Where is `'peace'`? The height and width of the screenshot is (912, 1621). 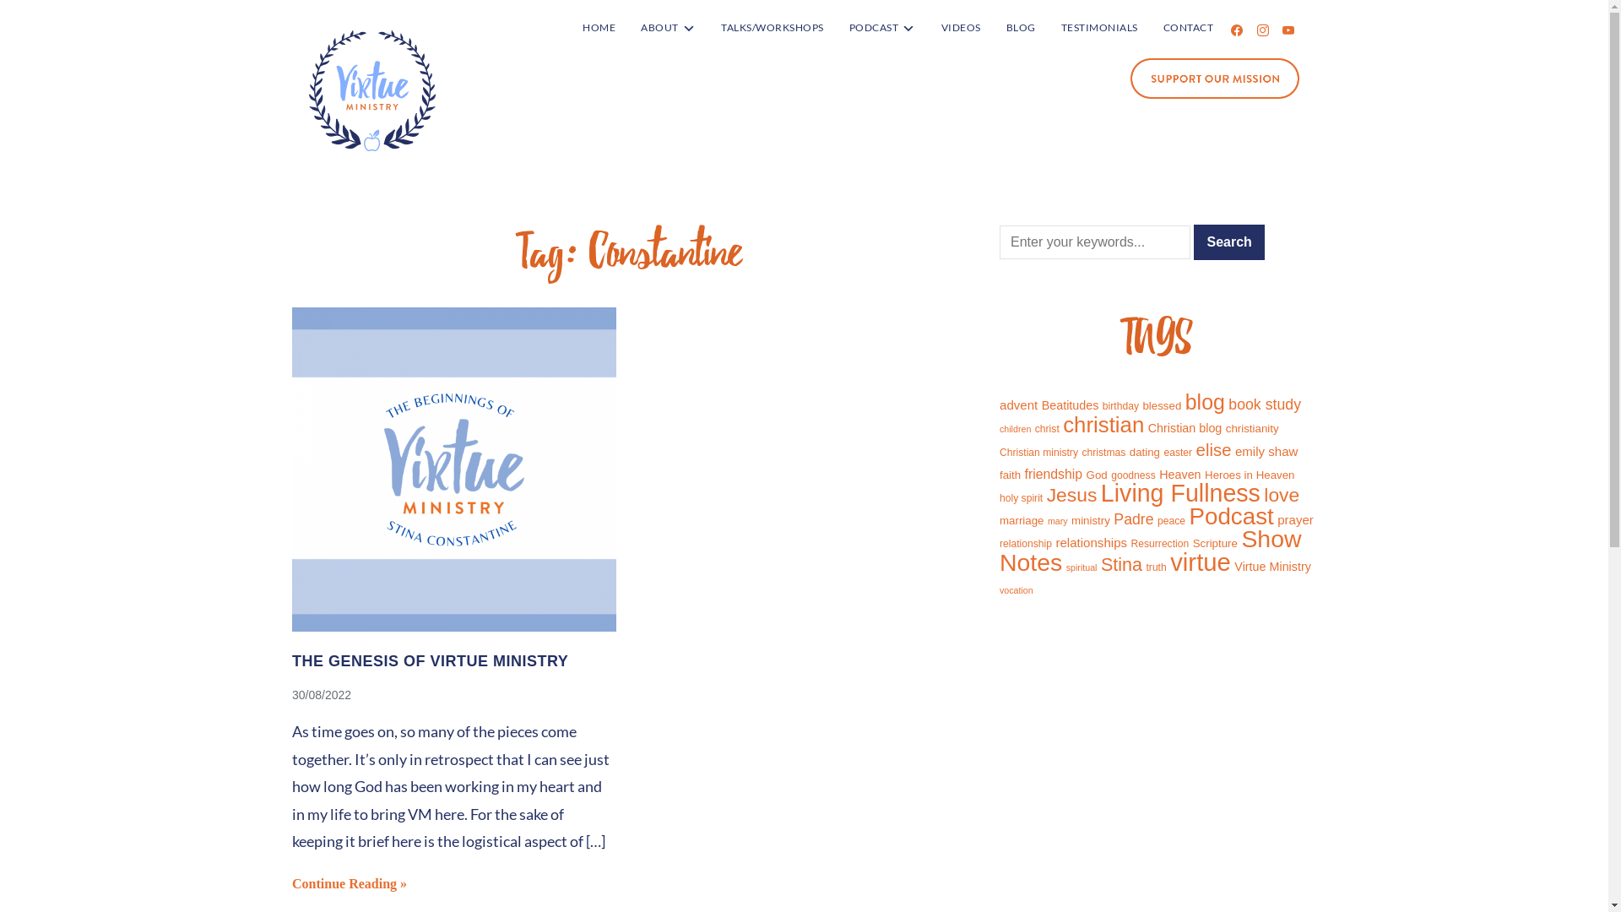
'peace' is located at coordinates (1170, 520).